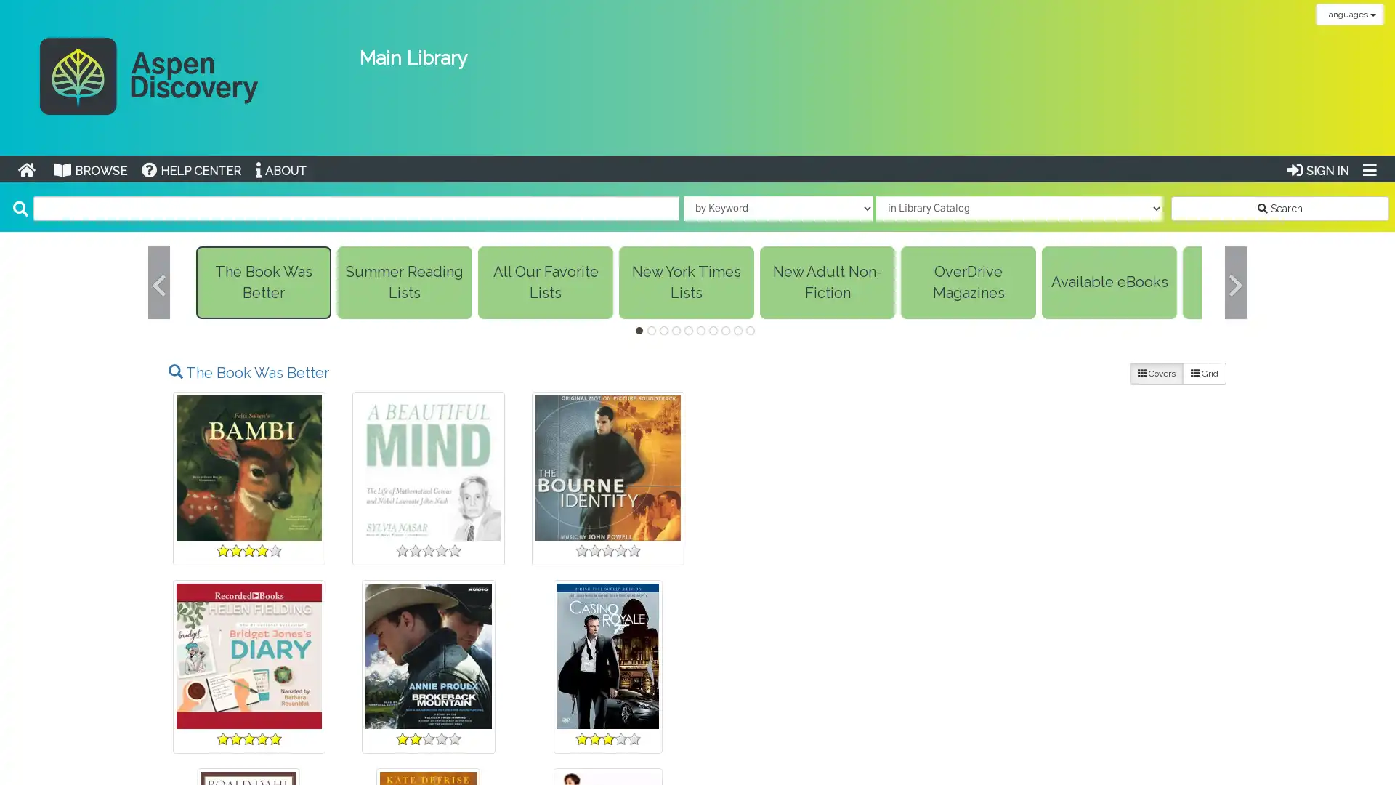  What do you see at coordinates (966, 552) in the screenshot?
I see `Write a Review` at bounding box center [966, 552].